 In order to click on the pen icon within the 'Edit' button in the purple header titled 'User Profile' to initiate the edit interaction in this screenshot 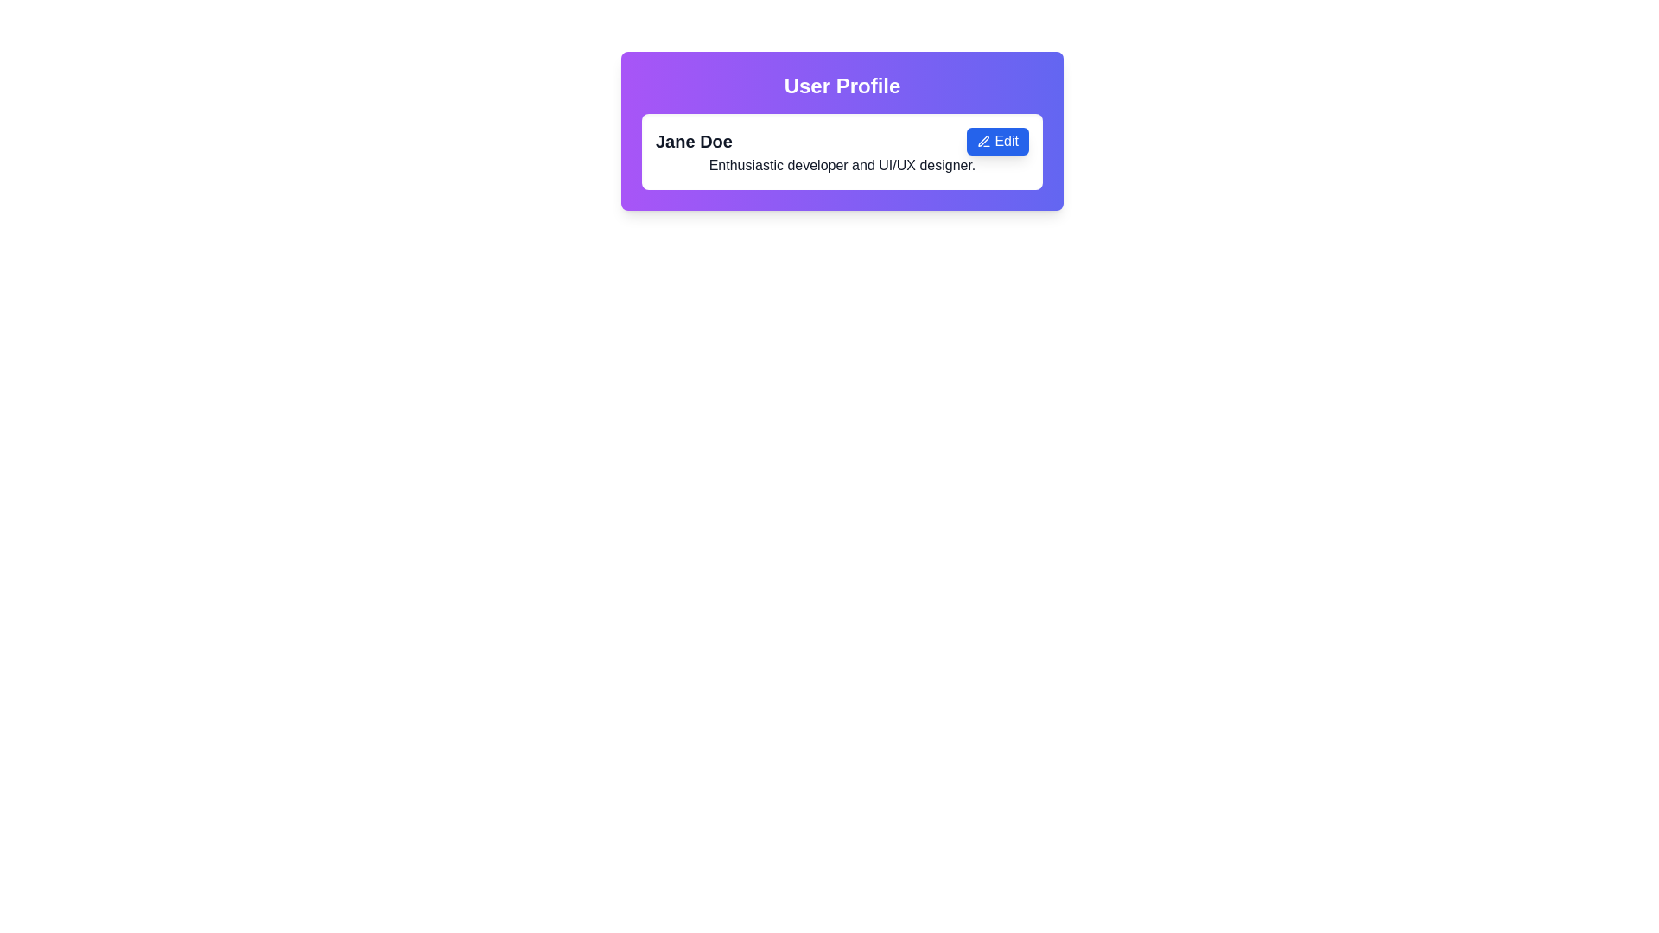, I will do `click(984, 140)`.